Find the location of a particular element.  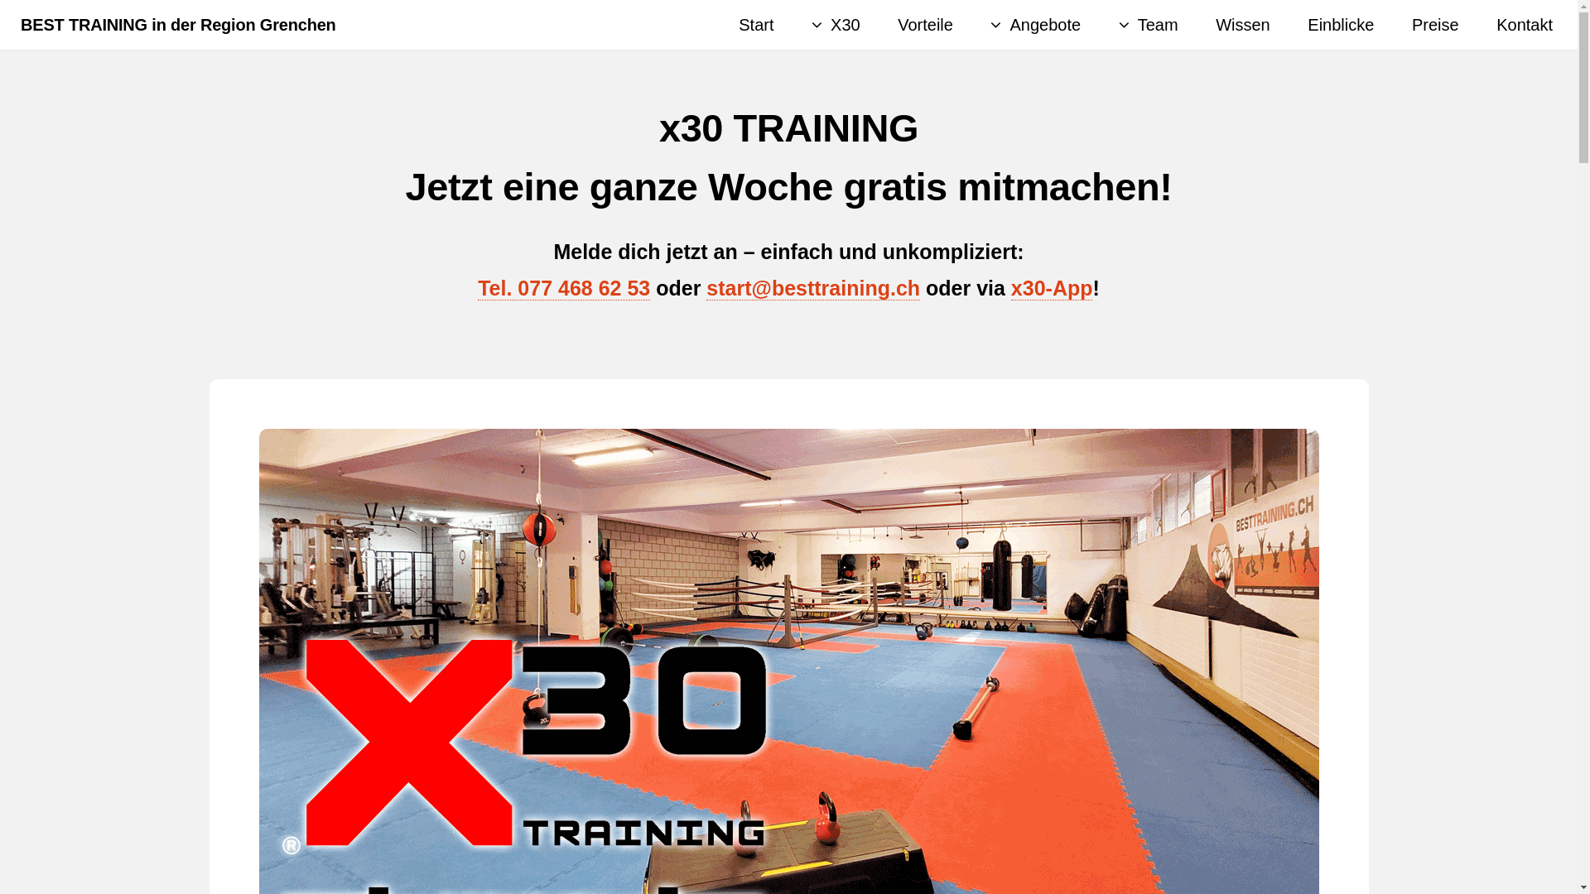

'Wissen' is located at coordinates (1243, 25).